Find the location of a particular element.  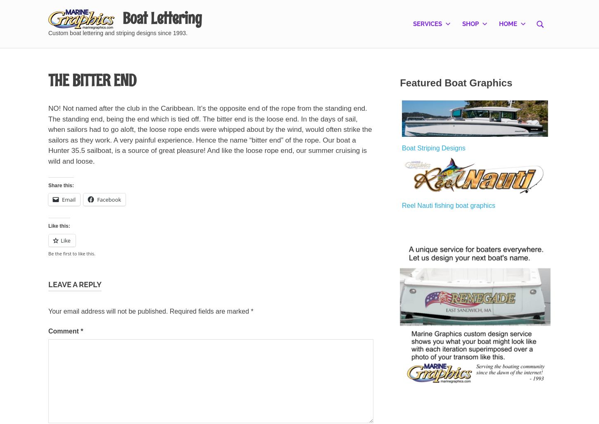

'Home' is located at coordinates (508, 23).